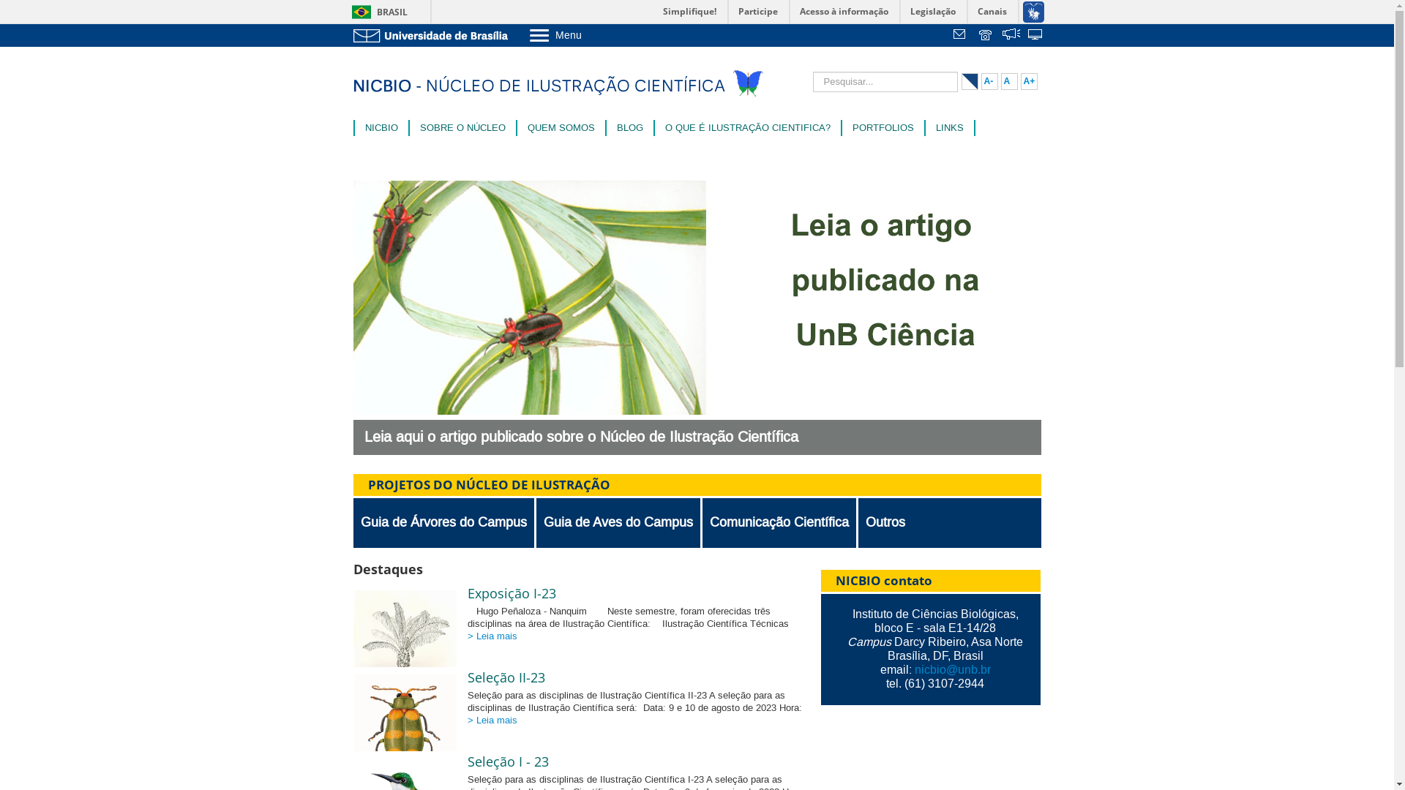  Describe the element at coordinates (884, 522) in the screenshot. I see `'Outros'` at that location.